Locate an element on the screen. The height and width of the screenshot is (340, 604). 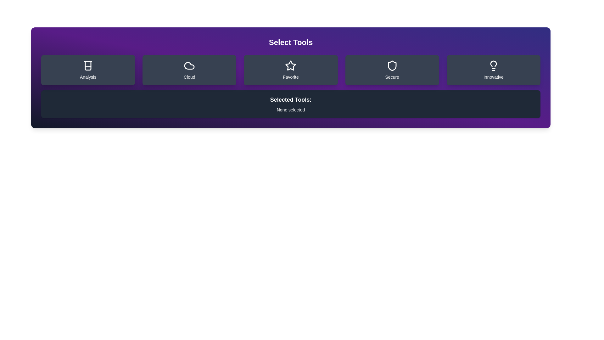
the 'Cloud' button, which is the second item in a horizontal grid of five buttons is located at coordinates (189, 70).